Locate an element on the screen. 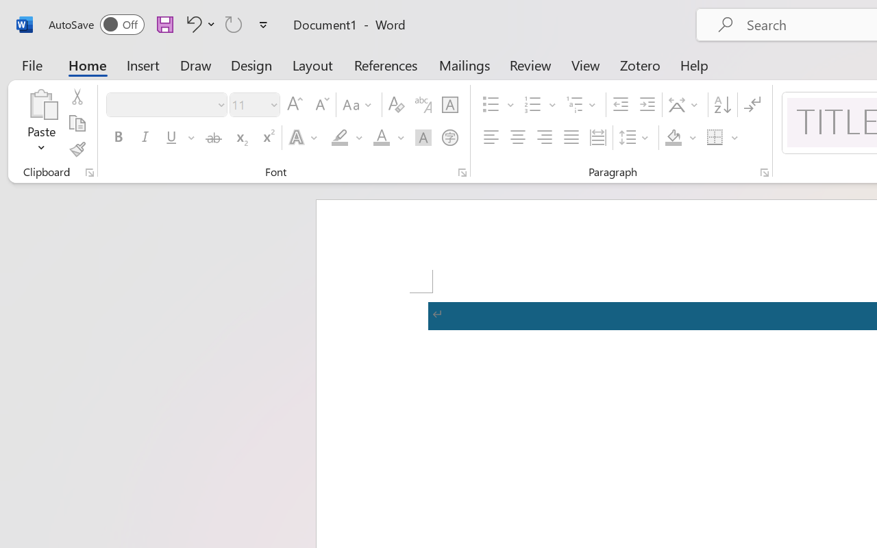 This screenshot has height=548, width=877. 'Font Color RGB(255, 0, 0)' is located at coordinates (381, 138).